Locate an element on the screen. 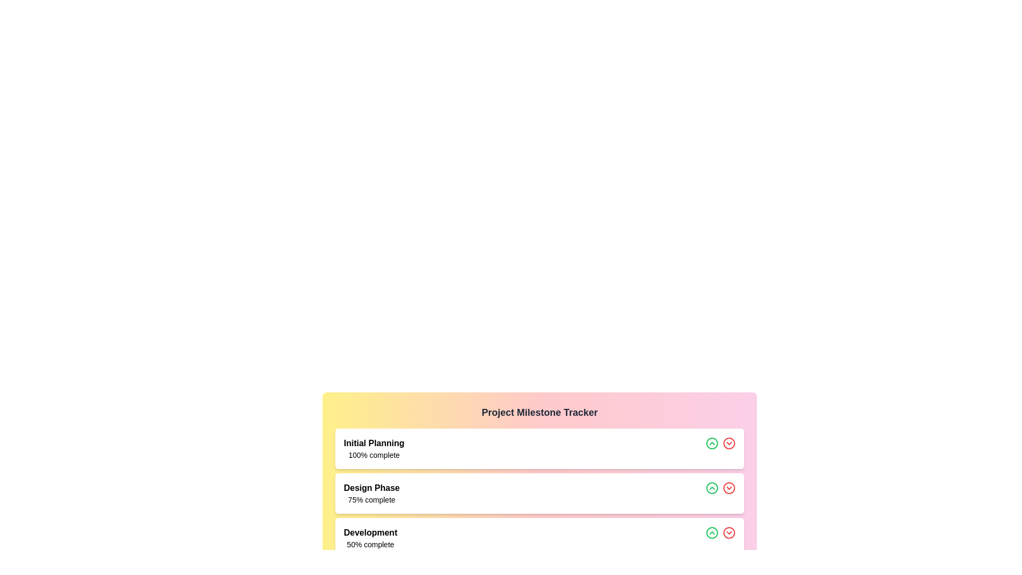 The image size is (1022, 575). the interactive control button represented as a circular SVG graphic with a green outline and an upward-pointing chevron, located inside the project milestone tracker for 'Development 50% complete' is located at coordinates (712, 533).